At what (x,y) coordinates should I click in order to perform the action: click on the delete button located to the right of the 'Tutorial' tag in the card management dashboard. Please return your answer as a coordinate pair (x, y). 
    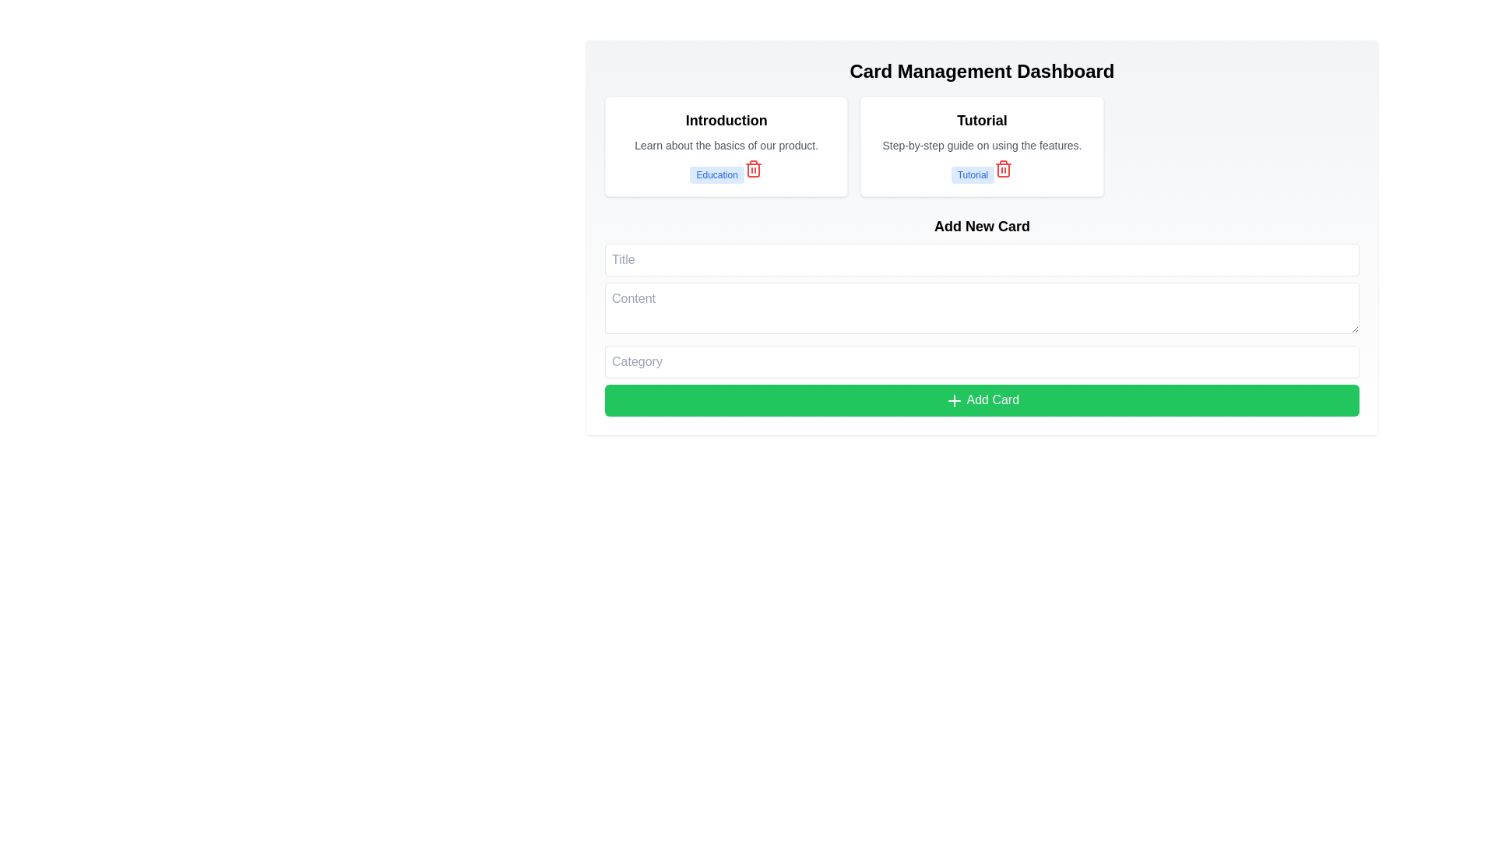
    Looking at the image, I should click on (1004, 168).